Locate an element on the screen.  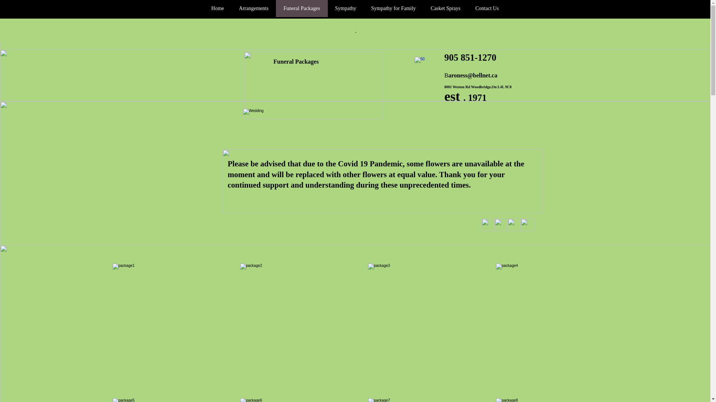
'Contact Us' is located at coordinates (487, 9).